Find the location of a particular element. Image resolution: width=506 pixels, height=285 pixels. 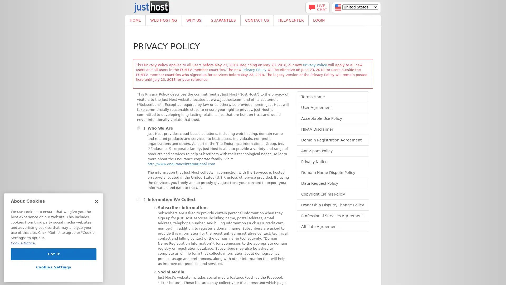

Close is located at coordinates (96, 201).